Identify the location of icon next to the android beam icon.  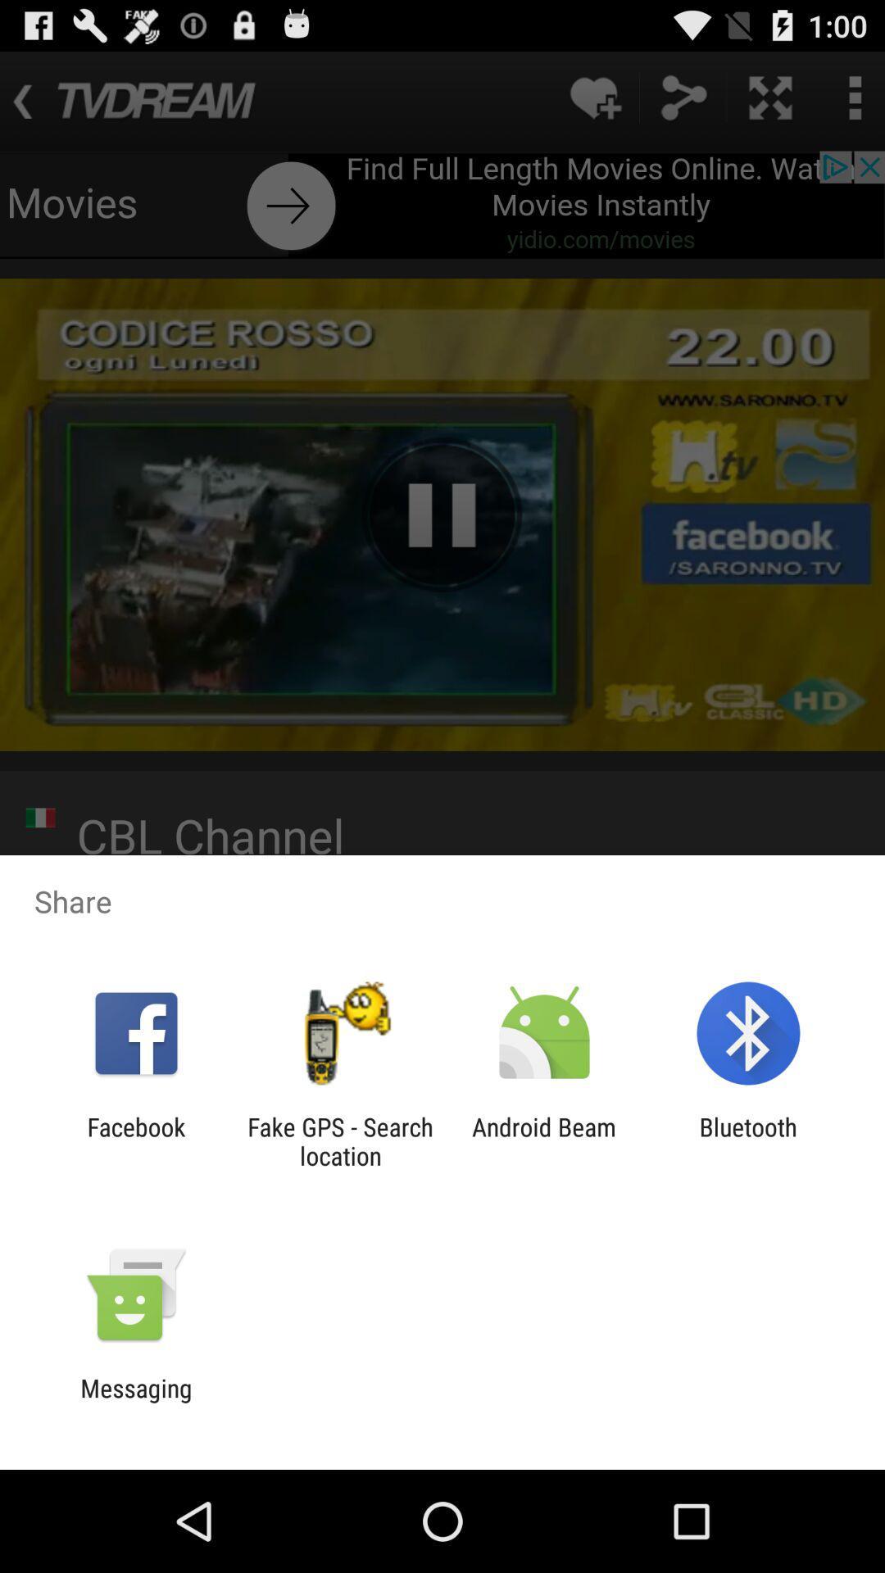
(339, 1140).